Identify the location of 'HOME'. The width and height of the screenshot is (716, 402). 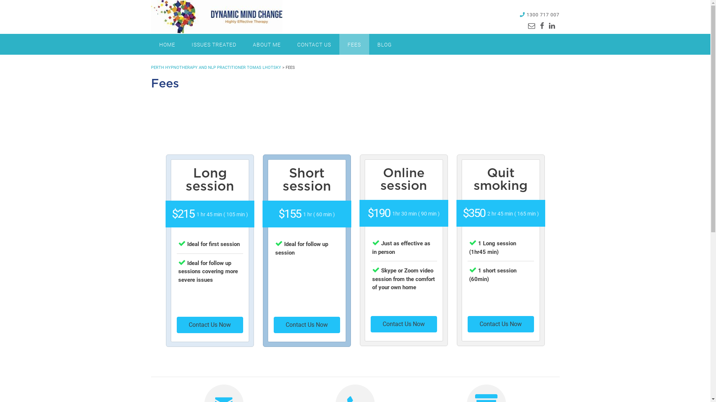
(150, 44).